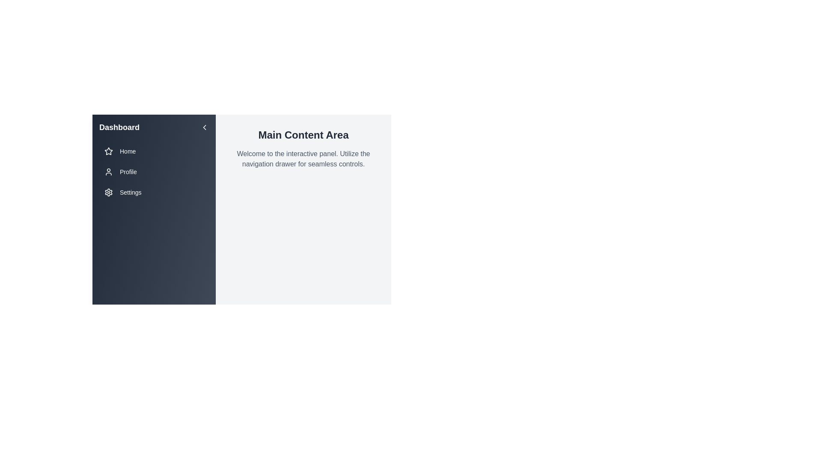 The image size is (822, 462). I want to click on the settings button located under the 'Profile' option in the navigation panel, so click(154, 192).